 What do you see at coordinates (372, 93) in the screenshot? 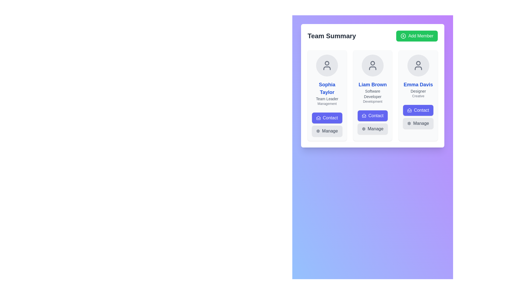
I see `the text label displaying the job title 'Software Developer' for the individual 'Liam Brown' in the second card of the user cards` at bounding box center [372, 93].